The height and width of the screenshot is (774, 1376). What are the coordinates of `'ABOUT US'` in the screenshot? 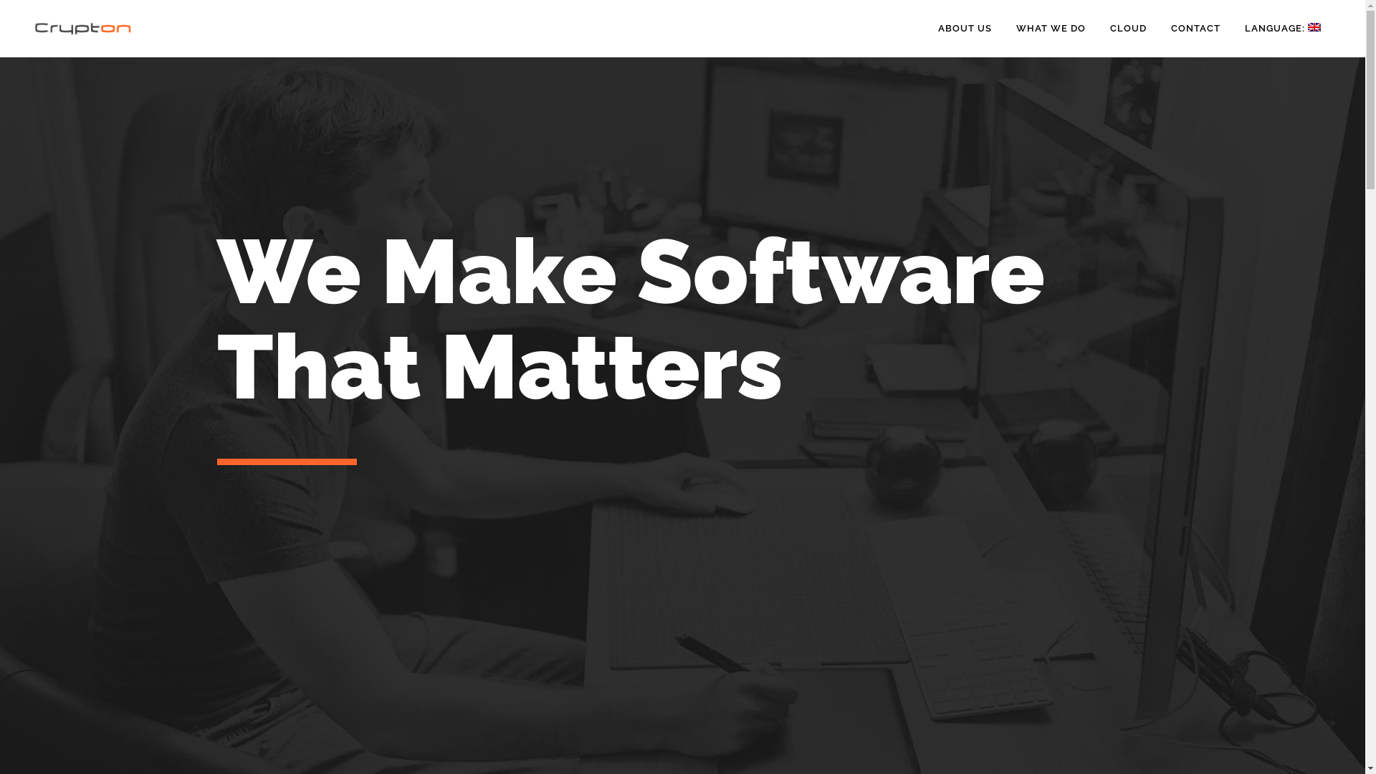 It's located at (965, 28).